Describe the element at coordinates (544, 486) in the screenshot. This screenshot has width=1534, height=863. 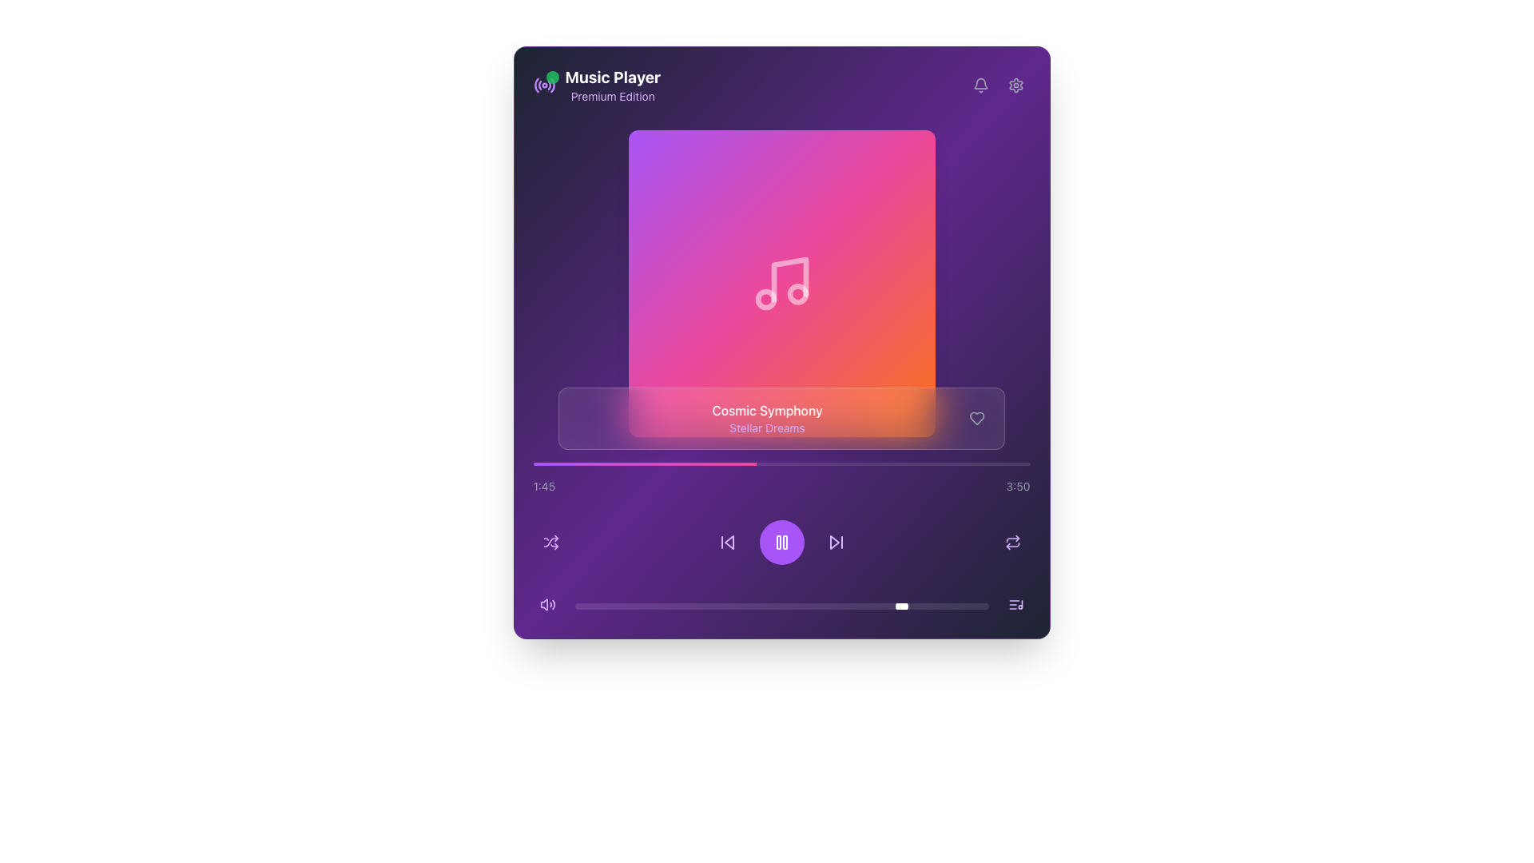
I see `the text label indicating the currently elapsed playback time on the far left of the music player's progress section` at that location.